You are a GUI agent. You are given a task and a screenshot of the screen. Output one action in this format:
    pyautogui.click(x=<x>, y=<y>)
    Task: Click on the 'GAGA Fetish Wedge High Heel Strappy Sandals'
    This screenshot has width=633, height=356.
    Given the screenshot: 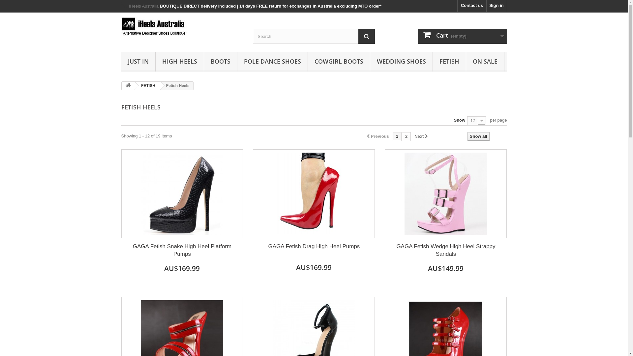 What is the action you would take?
    pyautogui.click(x=446, y=250)
    